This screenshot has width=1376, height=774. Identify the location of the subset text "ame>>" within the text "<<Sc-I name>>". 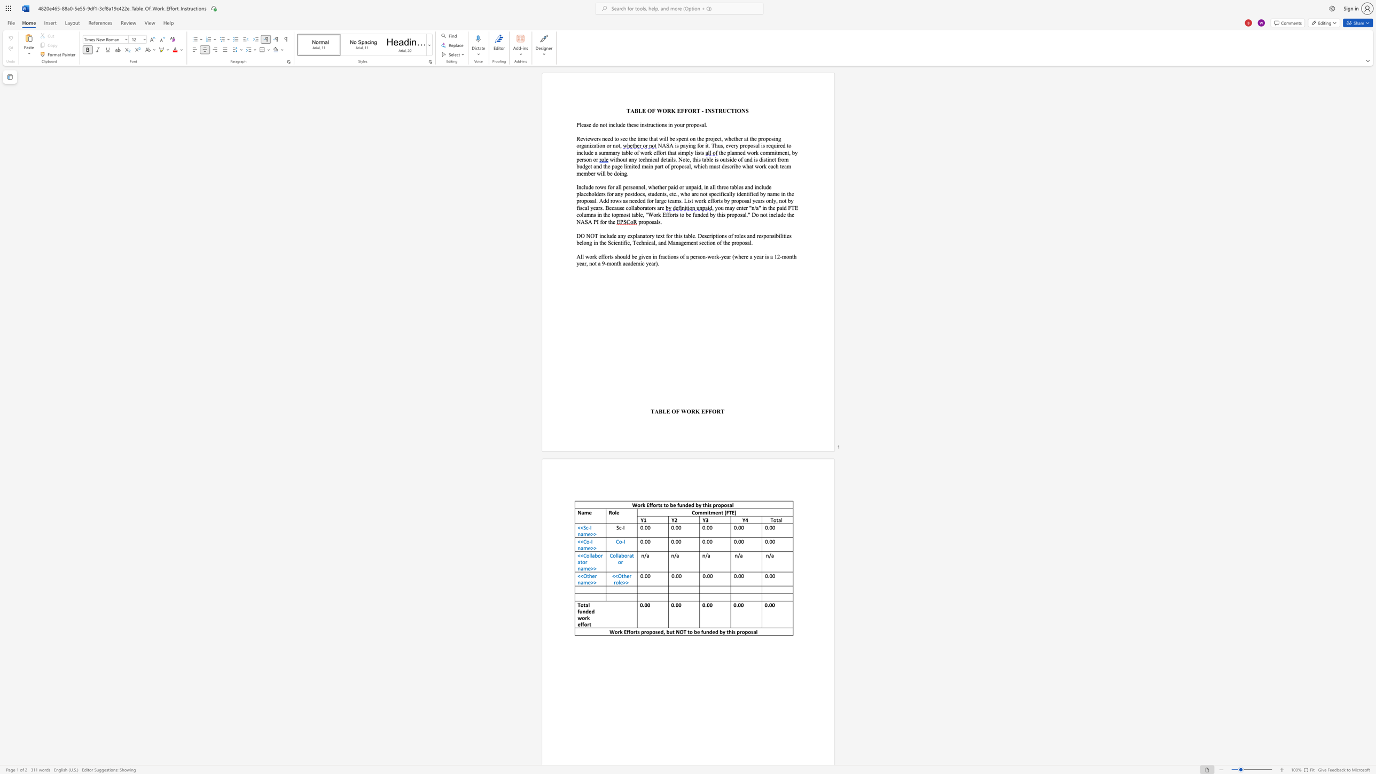
(581, 533).